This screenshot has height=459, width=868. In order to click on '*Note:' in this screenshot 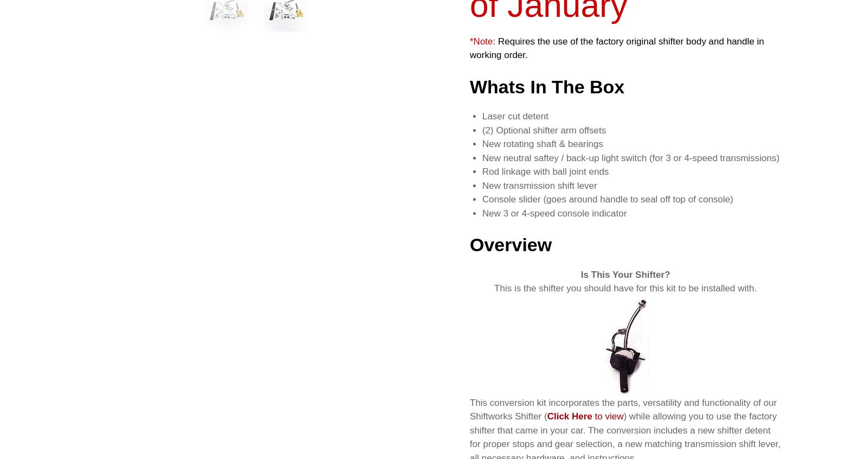, I will do `click(482, 41)`.